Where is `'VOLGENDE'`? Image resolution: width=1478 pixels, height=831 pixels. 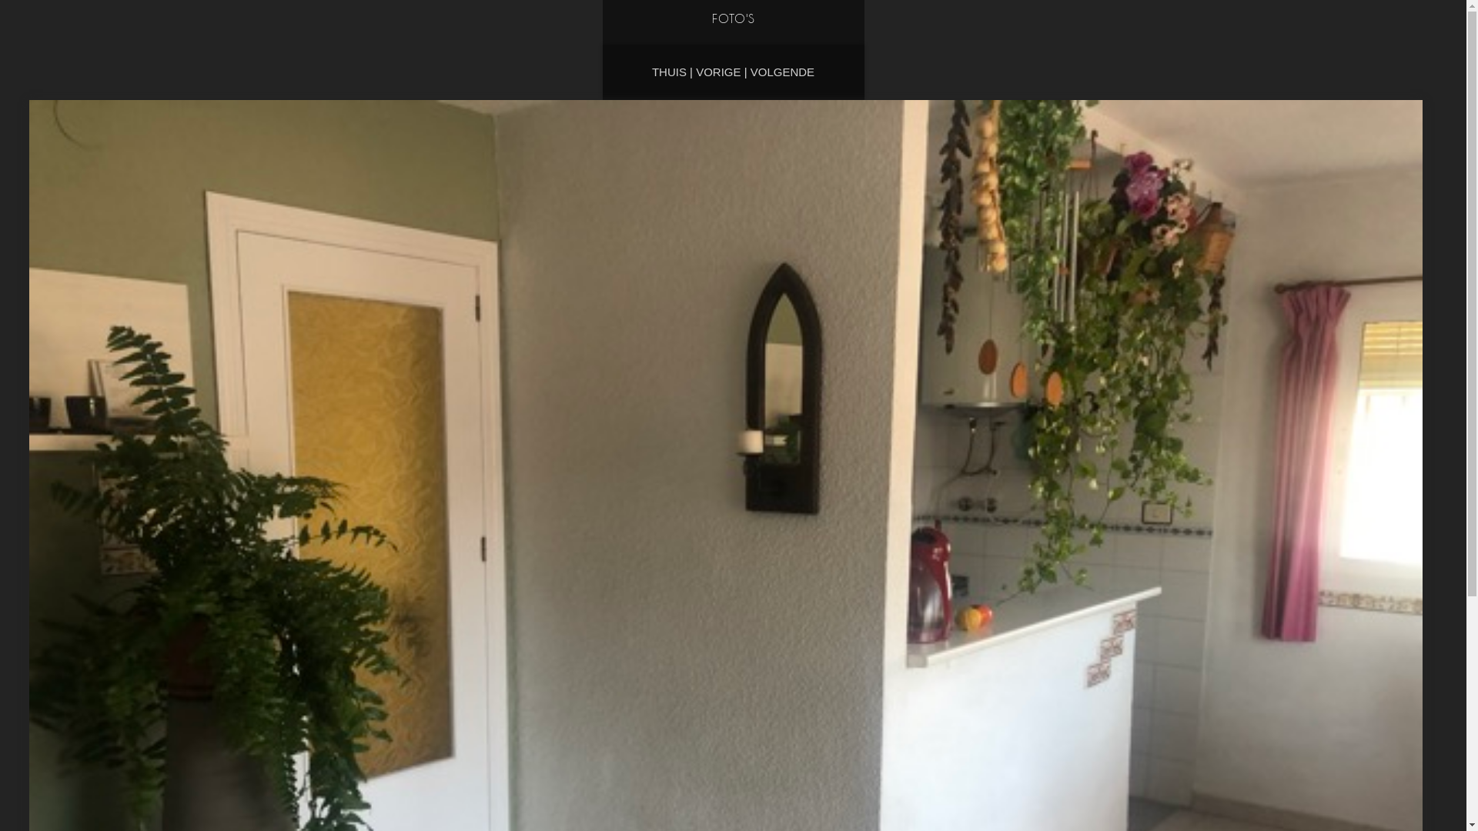
'VOLGENDE' is located at coordinates (750, 72).